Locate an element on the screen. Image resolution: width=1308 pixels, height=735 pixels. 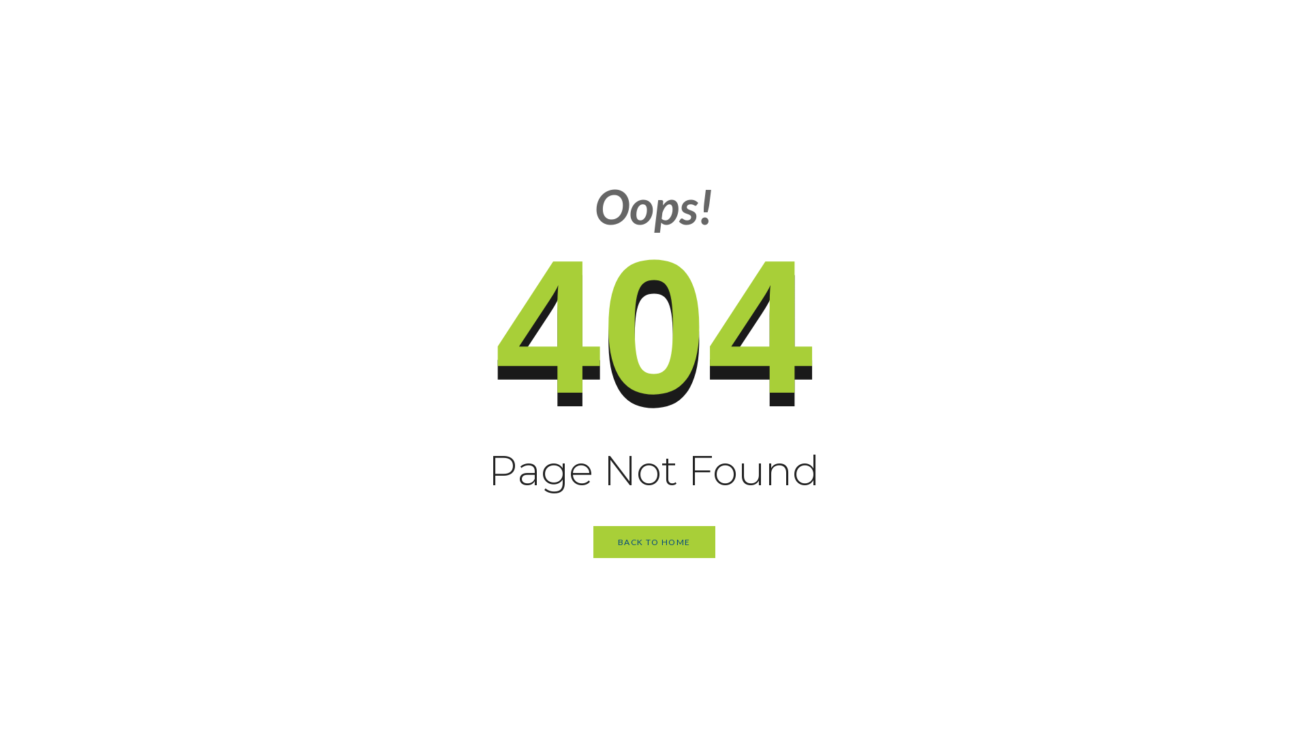
'BACK TO HOME' is located at coordinates (653, 540).